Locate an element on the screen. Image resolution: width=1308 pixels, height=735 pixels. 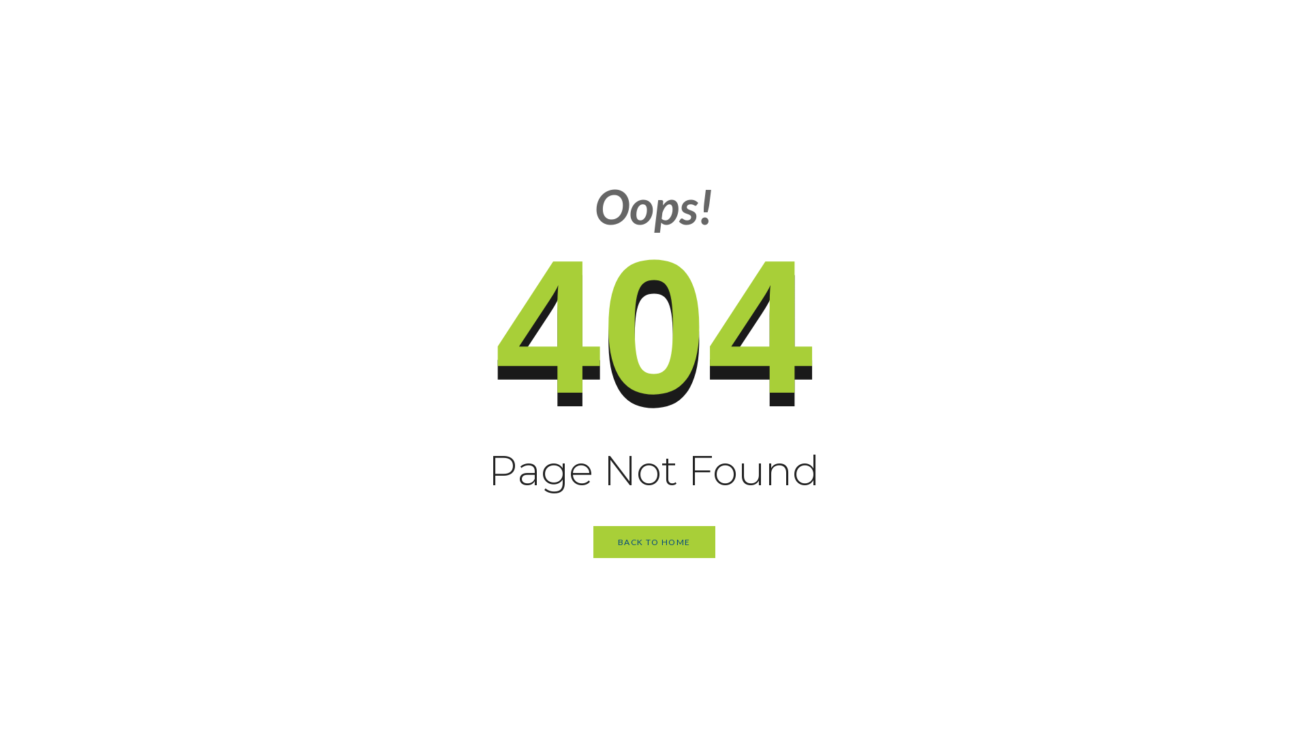
'BACK TO HOME' is located at coordinates (653, 540).